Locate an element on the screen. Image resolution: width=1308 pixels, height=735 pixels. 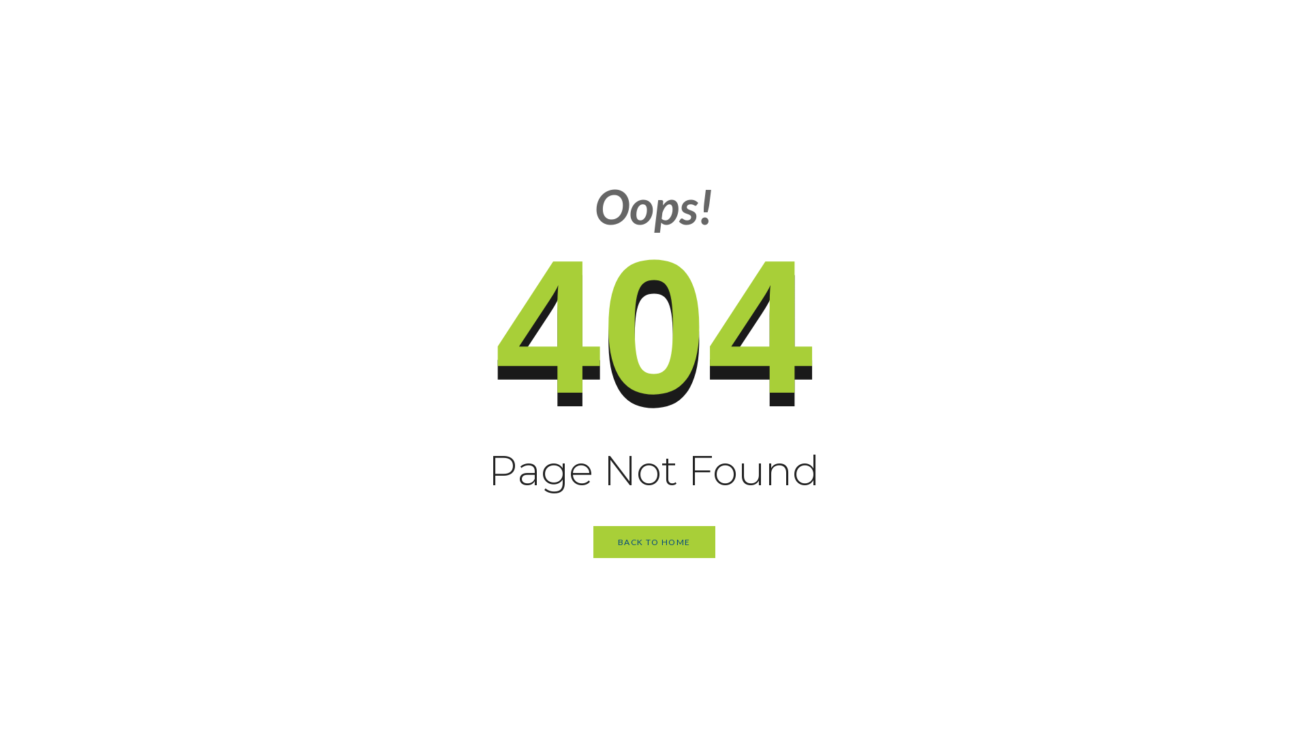
'BACK TO HOME' is located at coordinates (653, 540).